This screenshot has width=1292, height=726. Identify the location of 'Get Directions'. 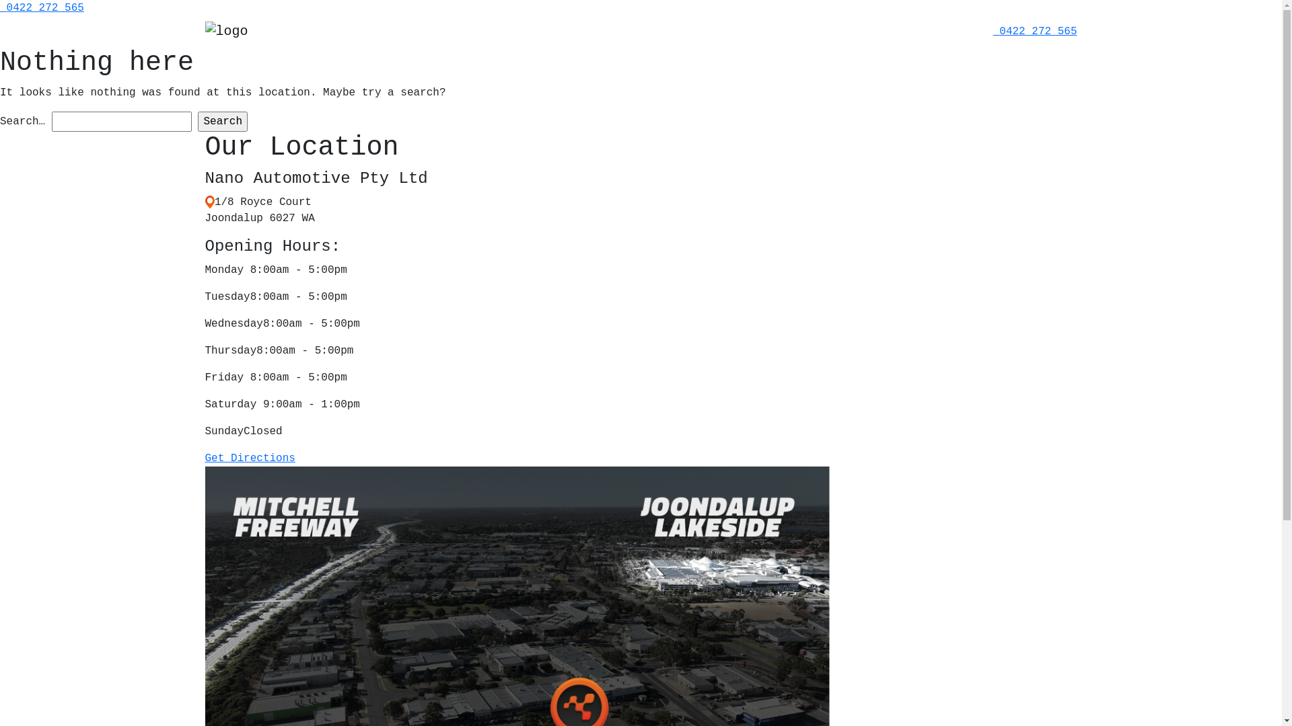
(249, 458).